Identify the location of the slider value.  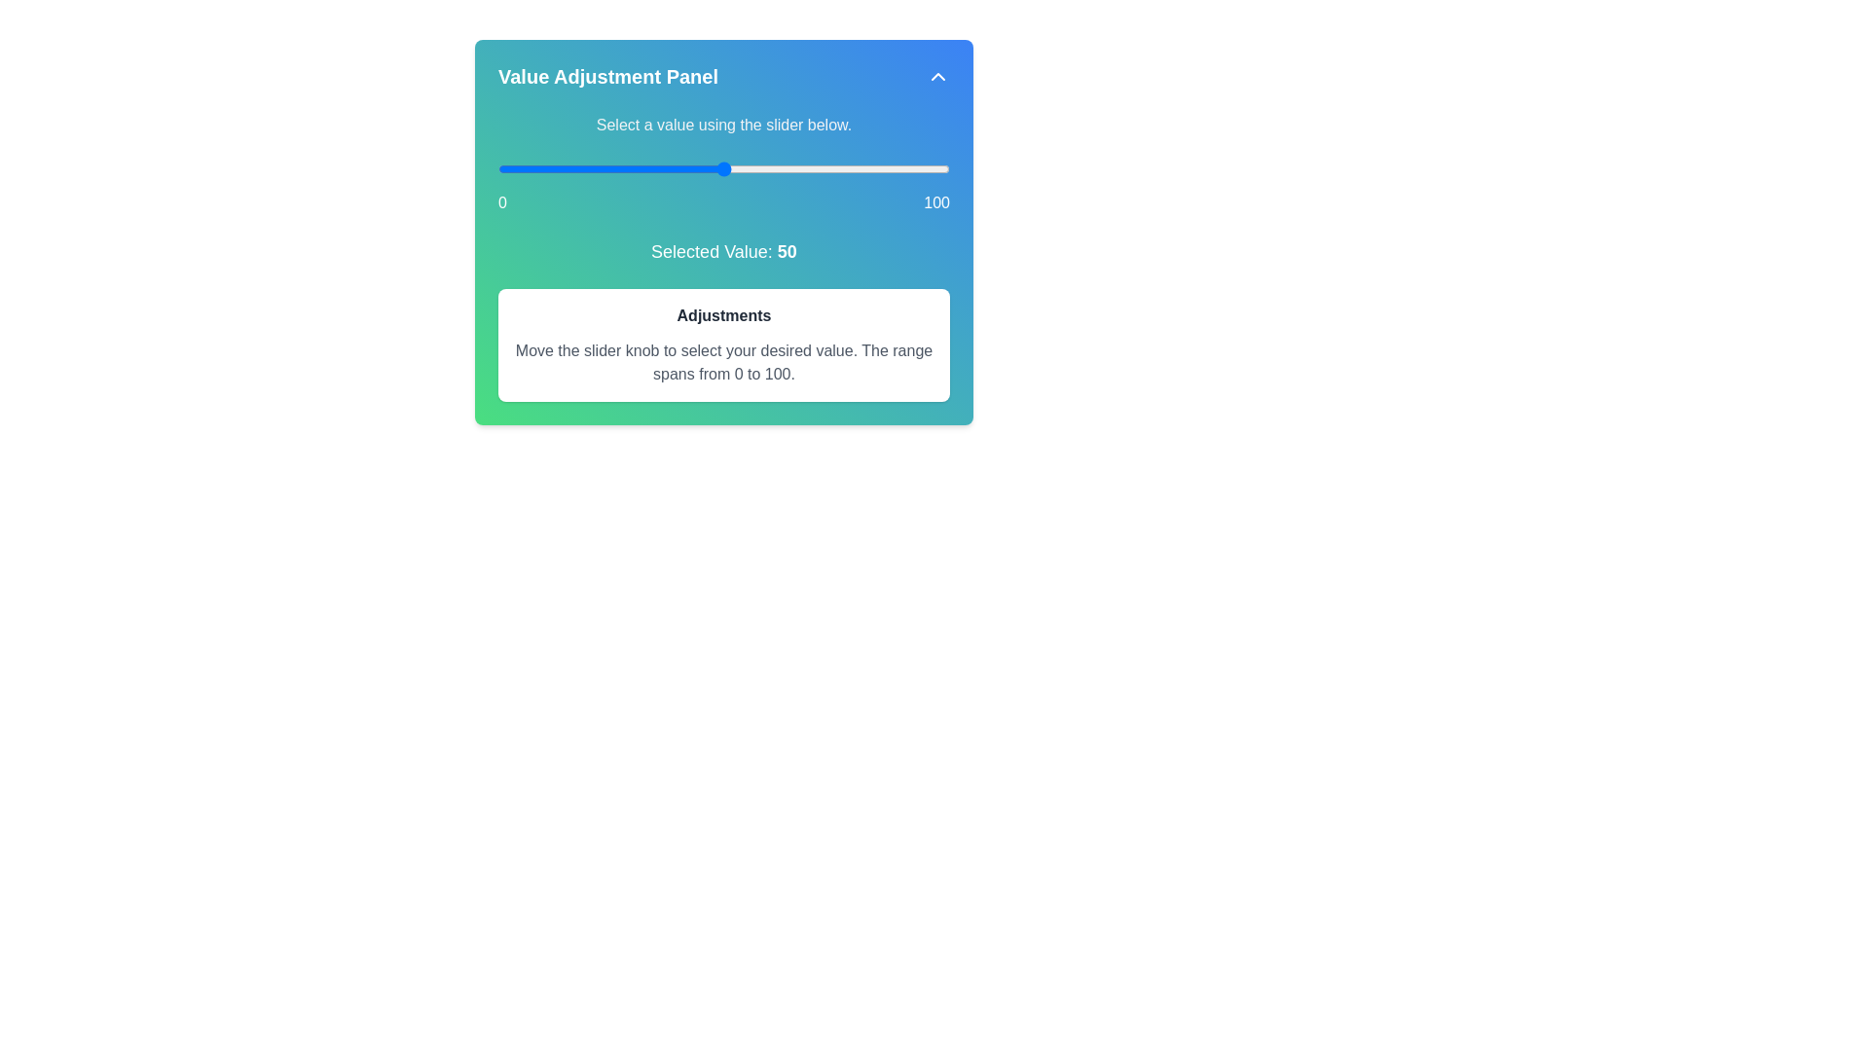
(777, 167).